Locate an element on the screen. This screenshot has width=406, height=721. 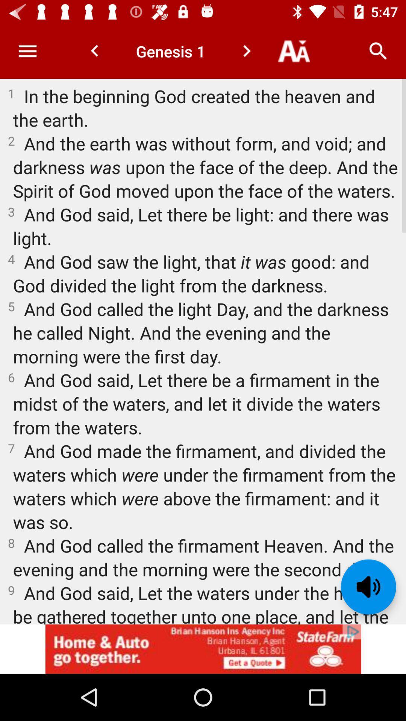
the volume option is located at coordinates (368, 587).